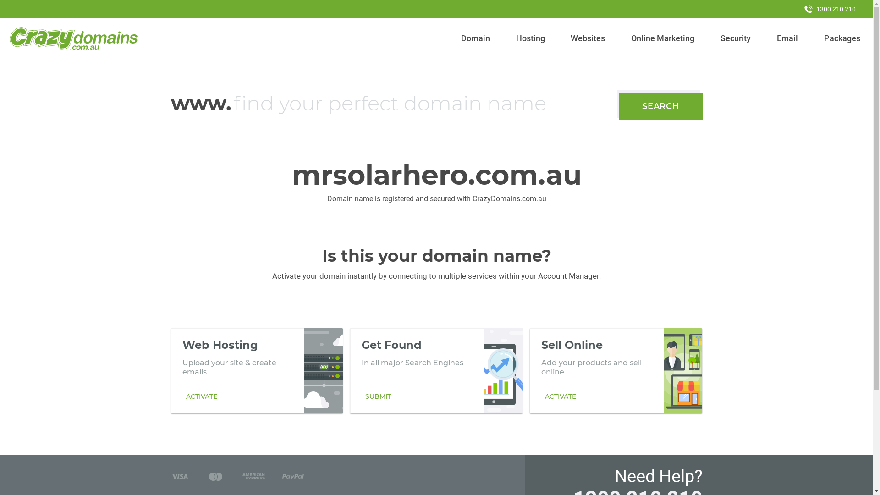  I want to click on 'SEARCH', so click(660, 105).